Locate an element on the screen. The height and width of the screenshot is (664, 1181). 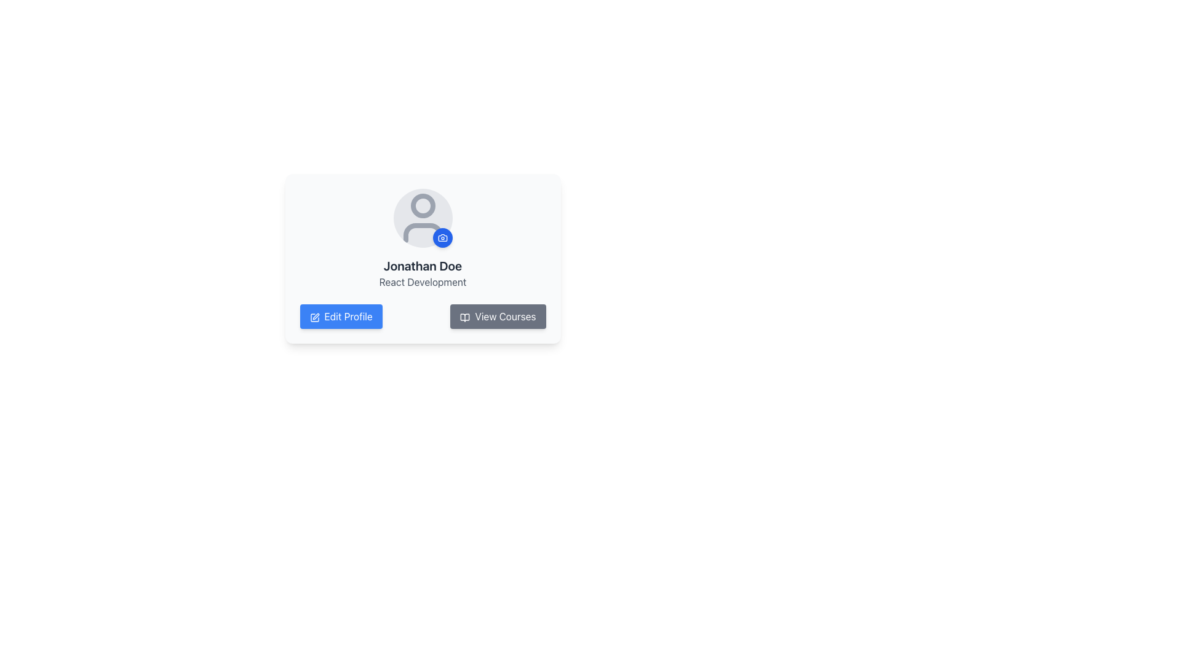
the lower section of the user avatar image, which represents the bottom half of the avatar icon is located at coordinates (423, 232).